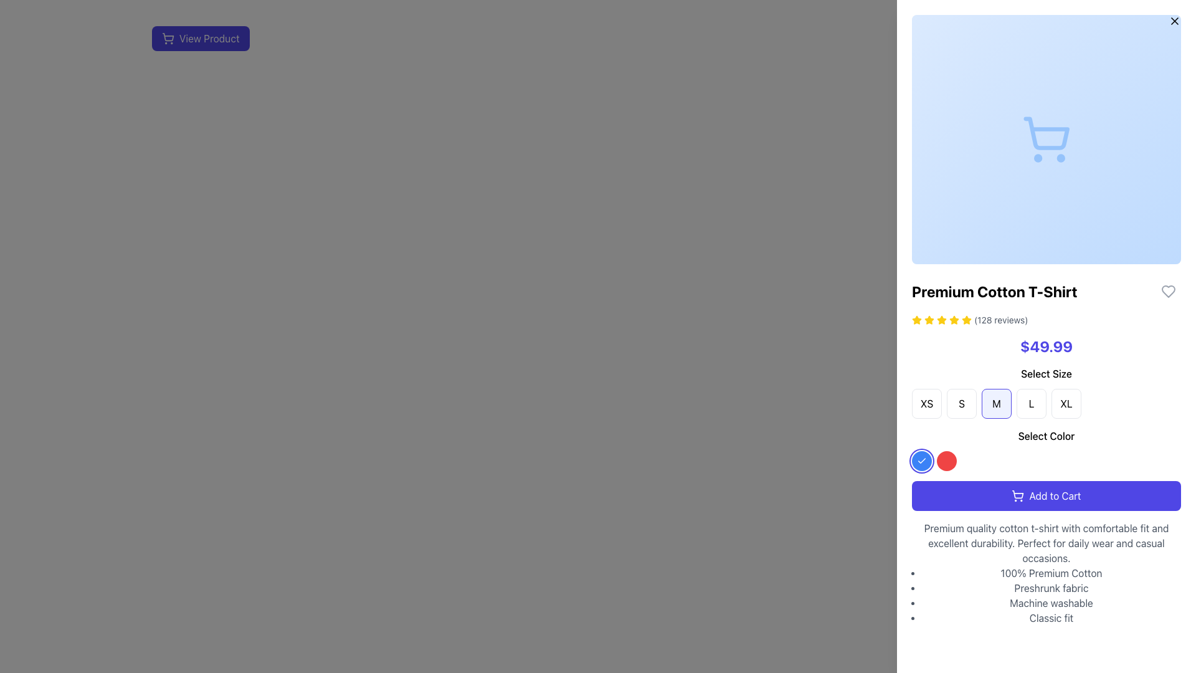 The image size is (1196, 673). Describe the element at coordinates (966, 319) in the screenshot. I see `the rating associated with the first star icon in the rating system for the Premium Cotton T-Shirt` at that location.